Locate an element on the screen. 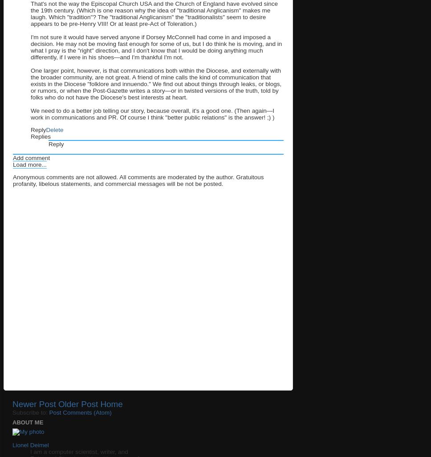 This screenshot has width=431, height=457. 'Home' is located at coordinates (99, 403).